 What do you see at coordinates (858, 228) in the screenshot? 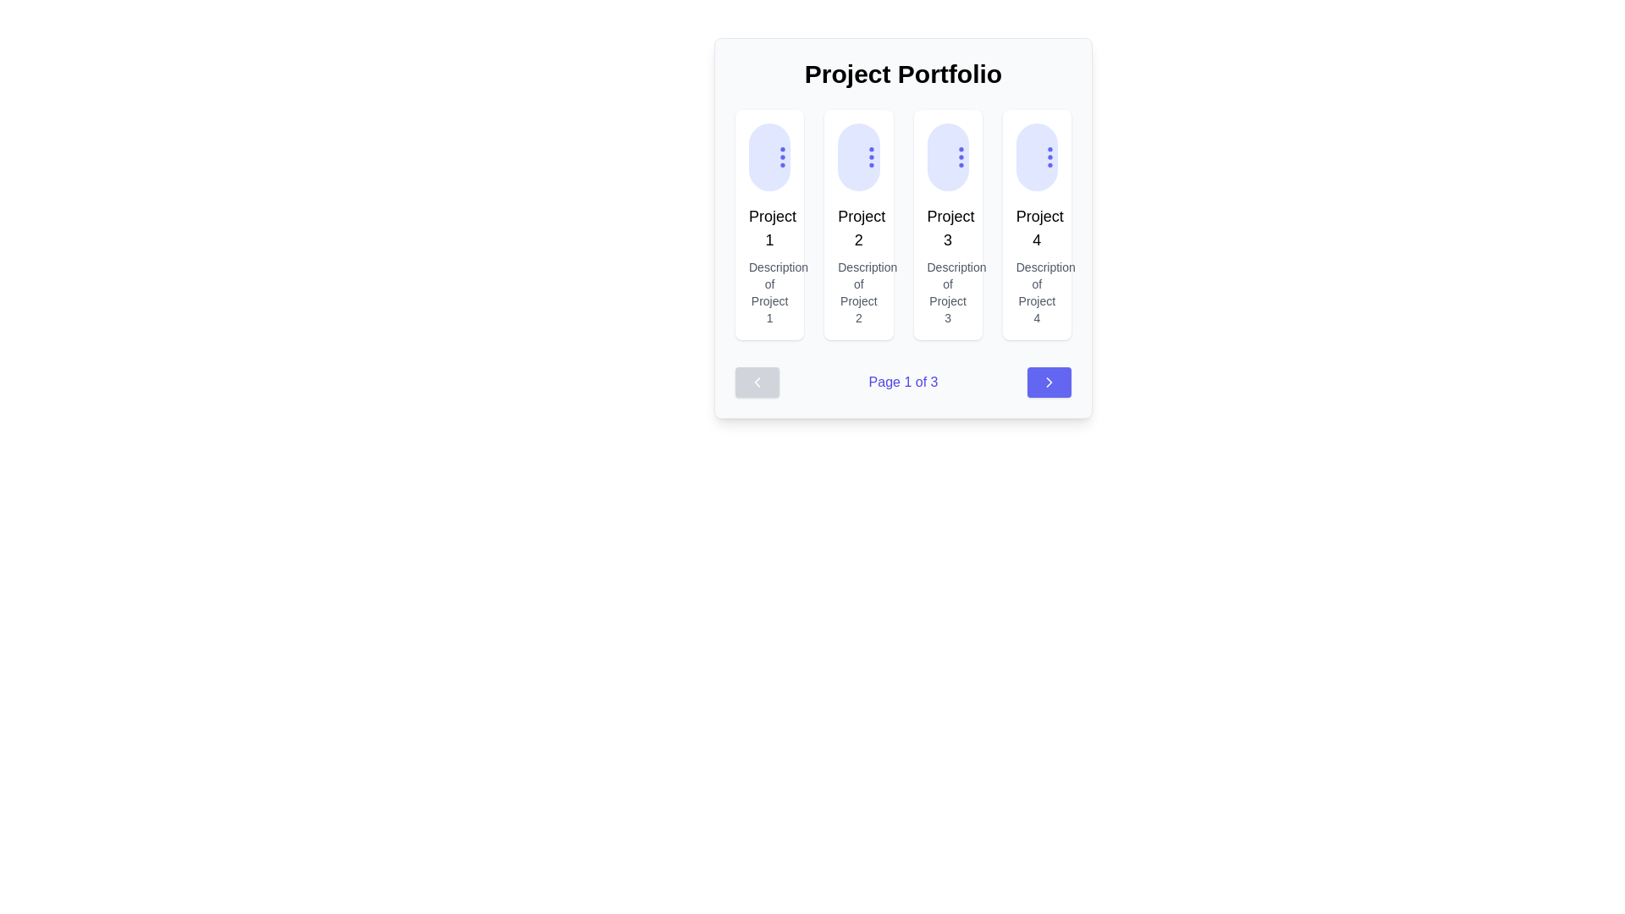
I see `the non-interactive text label displaying the project title located in the second card of four cards in a horizontal row` at bounding box center [858, 228].